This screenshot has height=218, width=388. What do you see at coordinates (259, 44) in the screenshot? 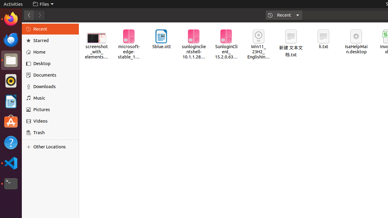
I see `'Win11_23H2_EnglishInternational_x64v2.iso'` at bounding box center [259, 44].